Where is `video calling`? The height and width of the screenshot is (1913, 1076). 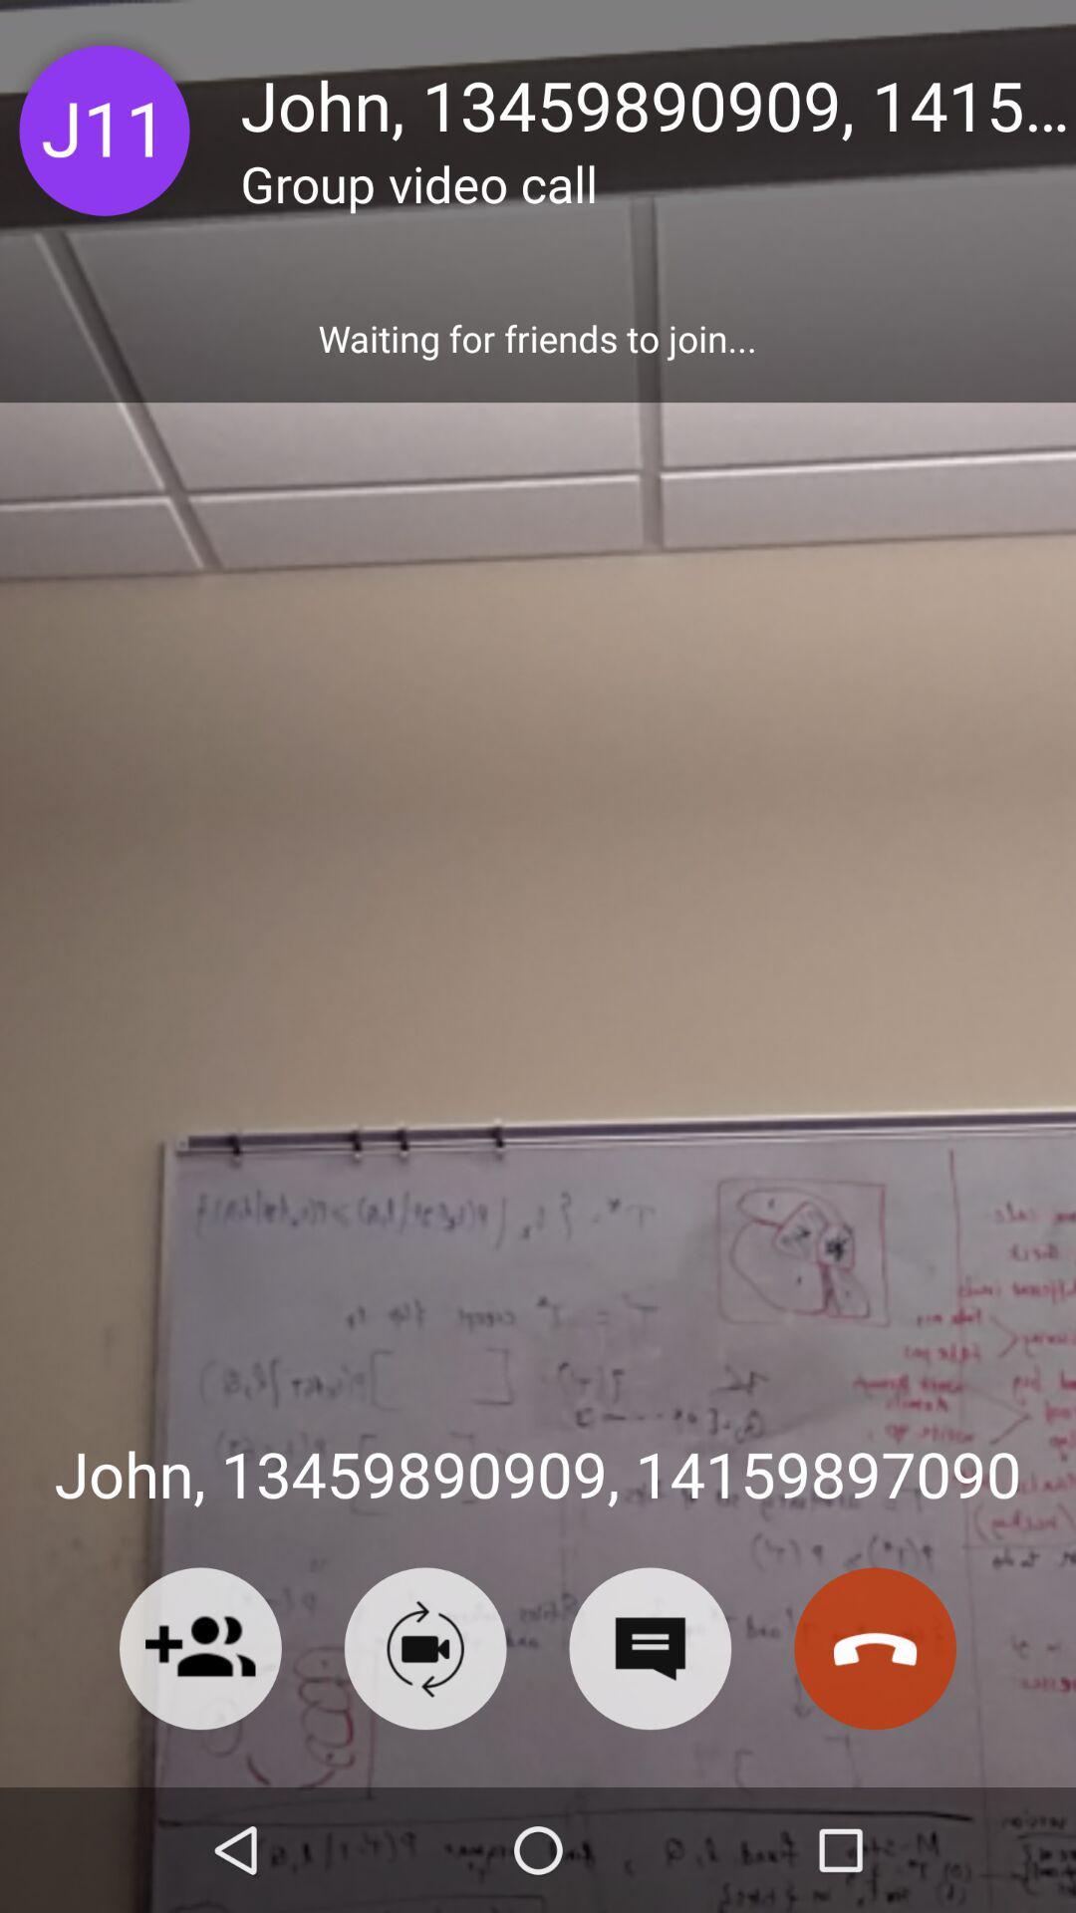 video calling is located at coordinates (424, 1648).